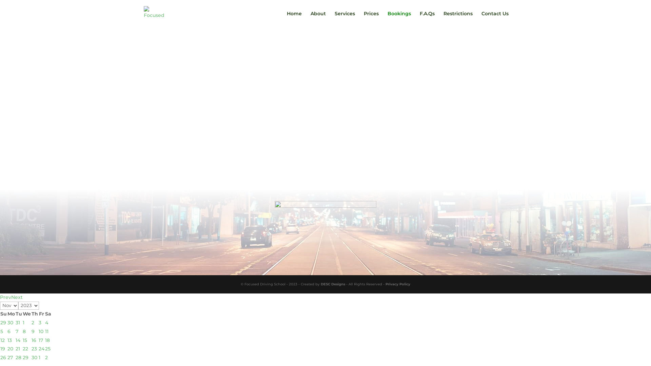 The image size is (651, 366). I want to click on 'Home', so click(294, 19).